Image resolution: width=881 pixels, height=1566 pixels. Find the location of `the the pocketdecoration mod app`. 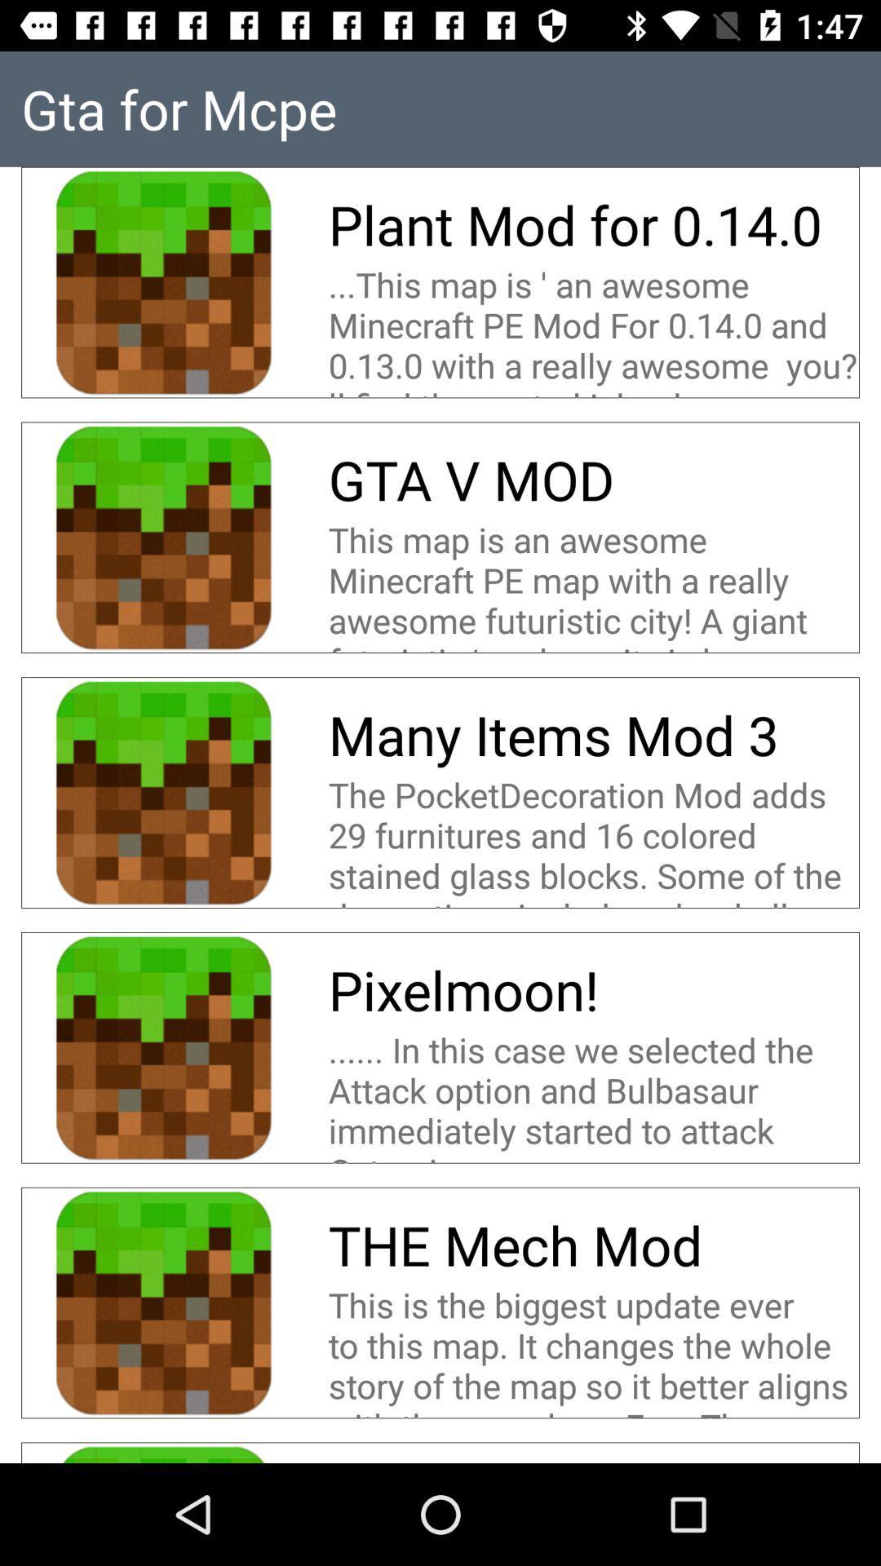

the the pocketdecoration mod app is located at coordinates (594, 839).